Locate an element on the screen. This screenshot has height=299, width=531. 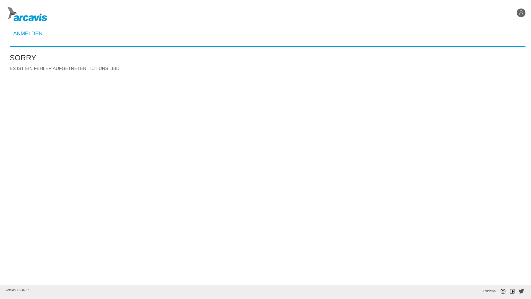
'ANMELDEN' is located at coordinates (27, 33).